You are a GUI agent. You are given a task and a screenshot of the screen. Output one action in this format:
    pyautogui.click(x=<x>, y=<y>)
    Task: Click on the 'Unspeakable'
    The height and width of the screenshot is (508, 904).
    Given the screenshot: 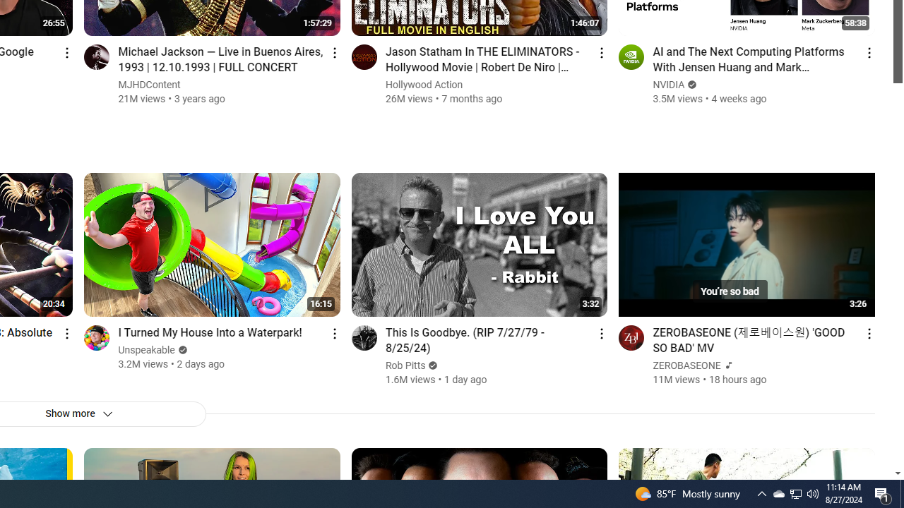 What is the action you would take?
    pyautogui.click(x=147, y=349)
    